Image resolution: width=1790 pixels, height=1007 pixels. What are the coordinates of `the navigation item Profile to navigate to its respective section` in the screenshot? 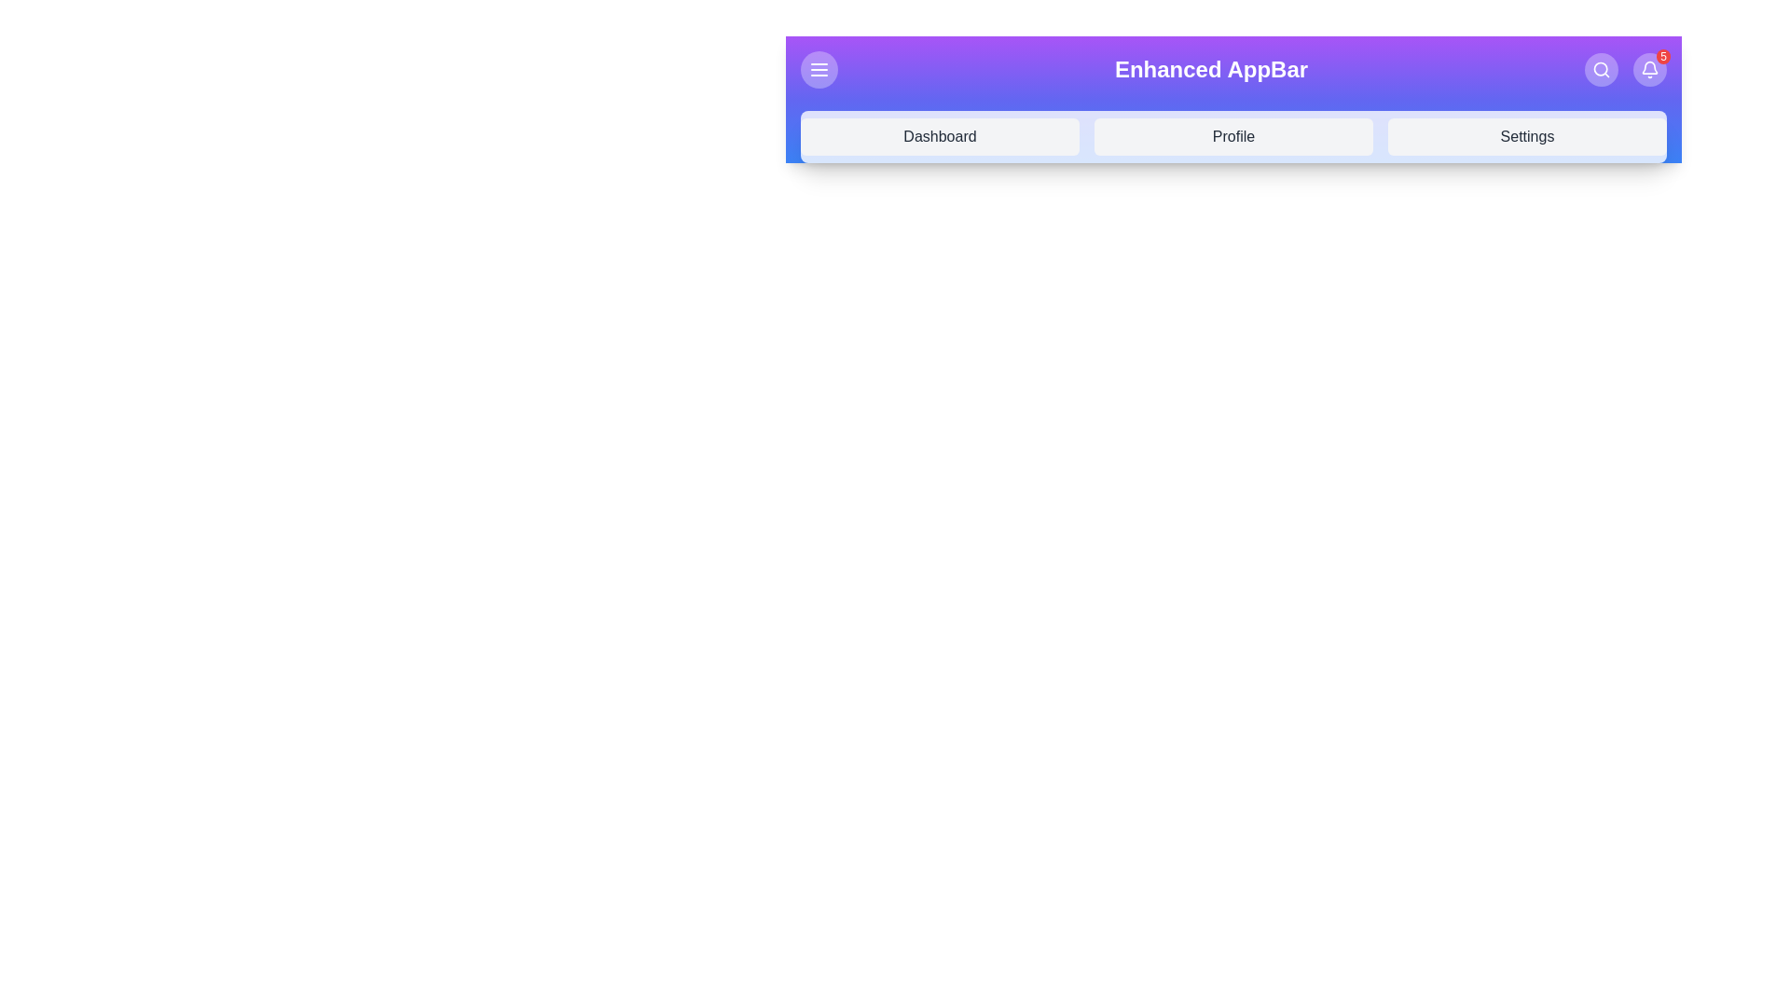 It's located at (1233, 135).